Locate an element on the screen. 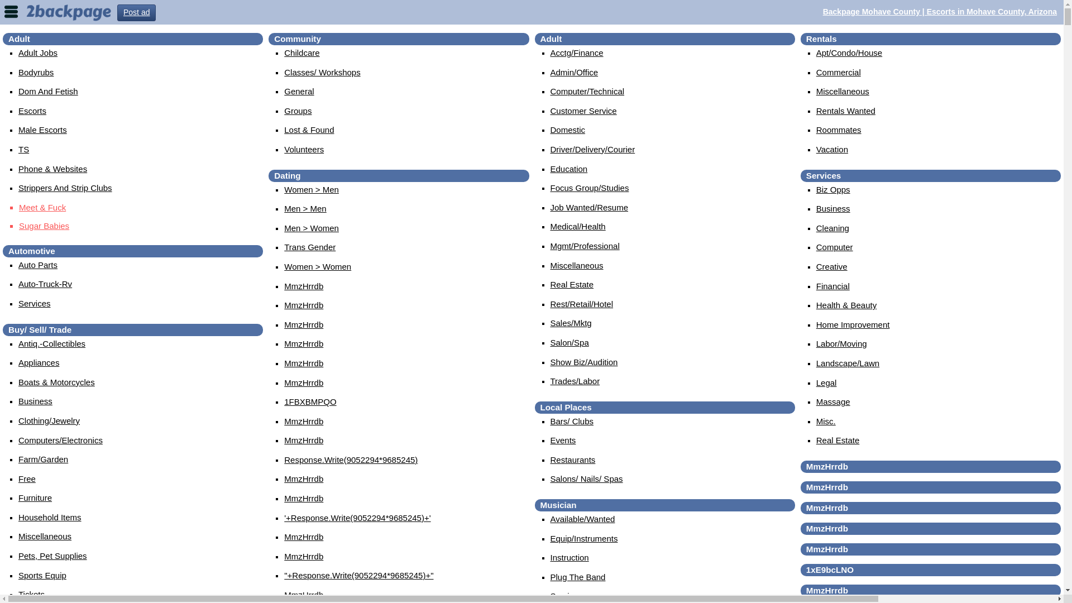 The width and height of the screenshot is (1072, 603). 'Labor/Moving' is located at coordinates (841, 343).